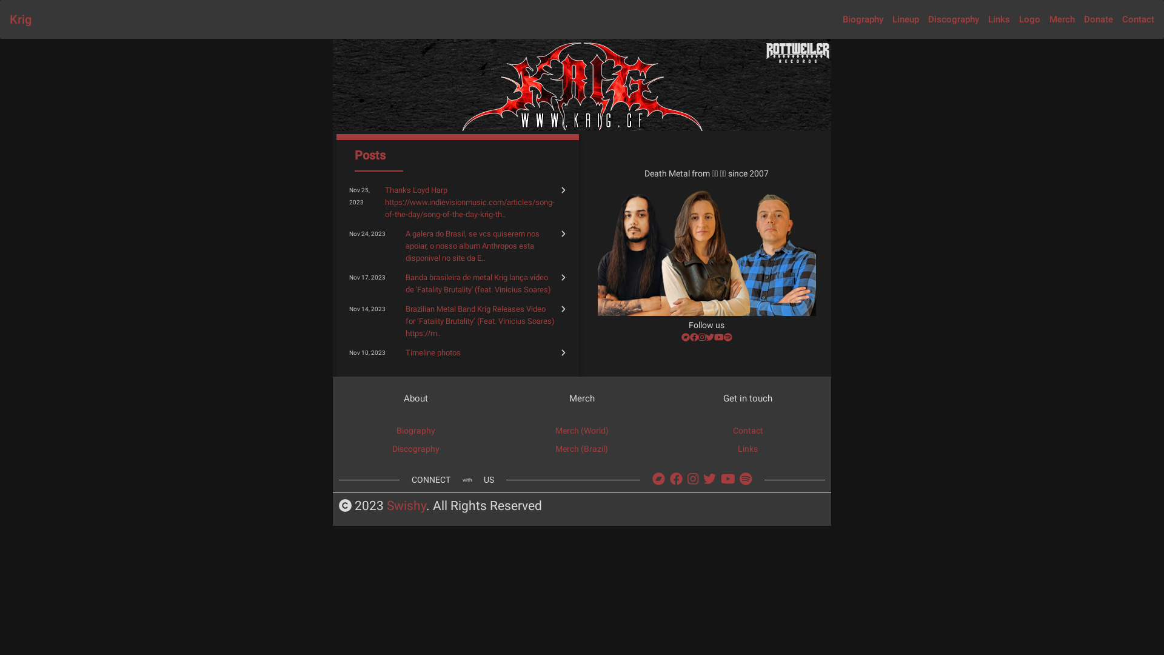 The image size is (1164, 655). I want to click on 'Twitter', so click(705, 337).